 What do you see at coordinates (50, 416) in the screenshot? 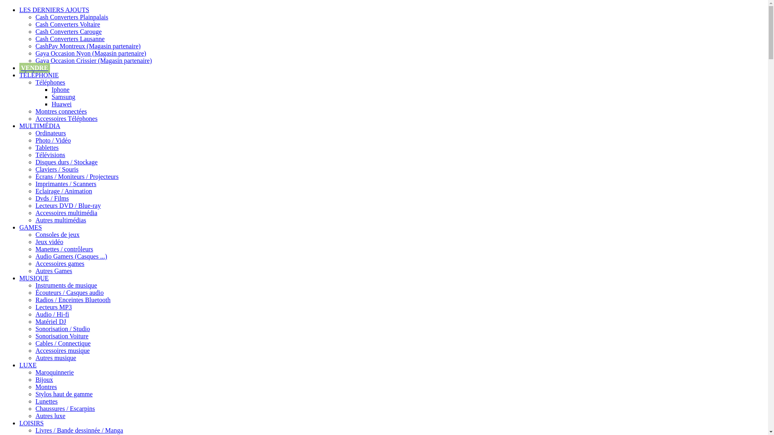
I see `'Autres luxe'` at bounding box center [50, 416].